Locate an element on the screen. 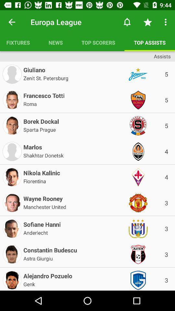 This screenshot has height=311, width=175. item below alejandro pozuelo item is located at coordinates (29, 283).